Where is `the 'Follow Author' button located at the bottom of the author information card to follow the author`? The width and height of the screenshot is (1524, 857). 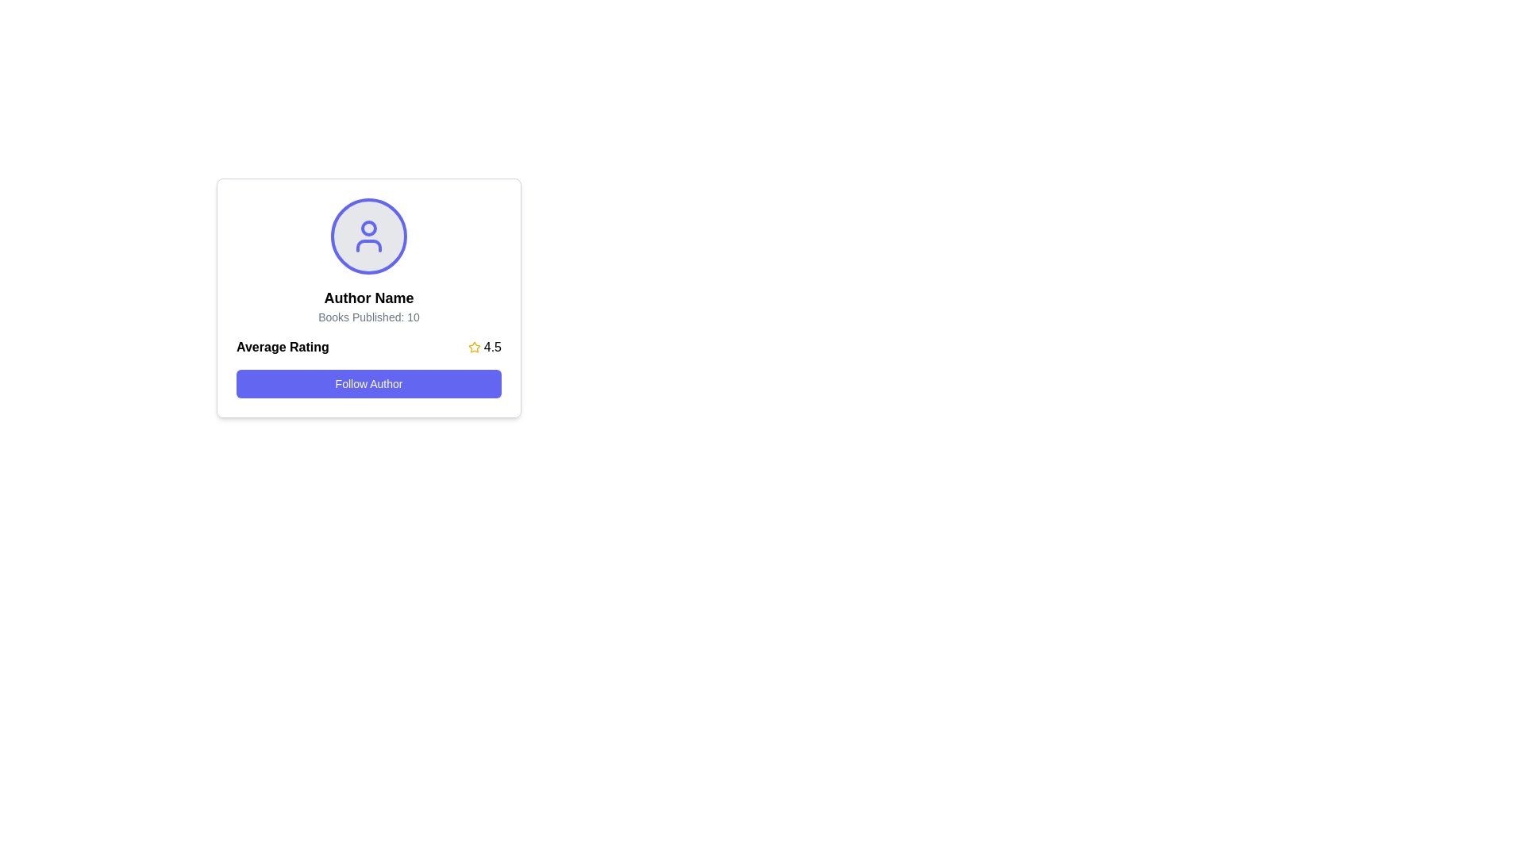
the 'Follow Author' button located at the bottom of the author information card to follow the author is located at coordinates (368, 367).